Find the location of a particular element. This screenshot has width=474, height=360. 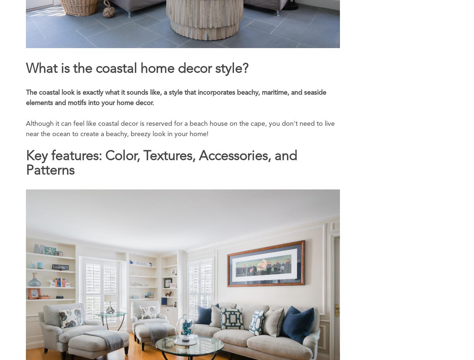

'Connect & Share' is located at coordinates (289, 353).